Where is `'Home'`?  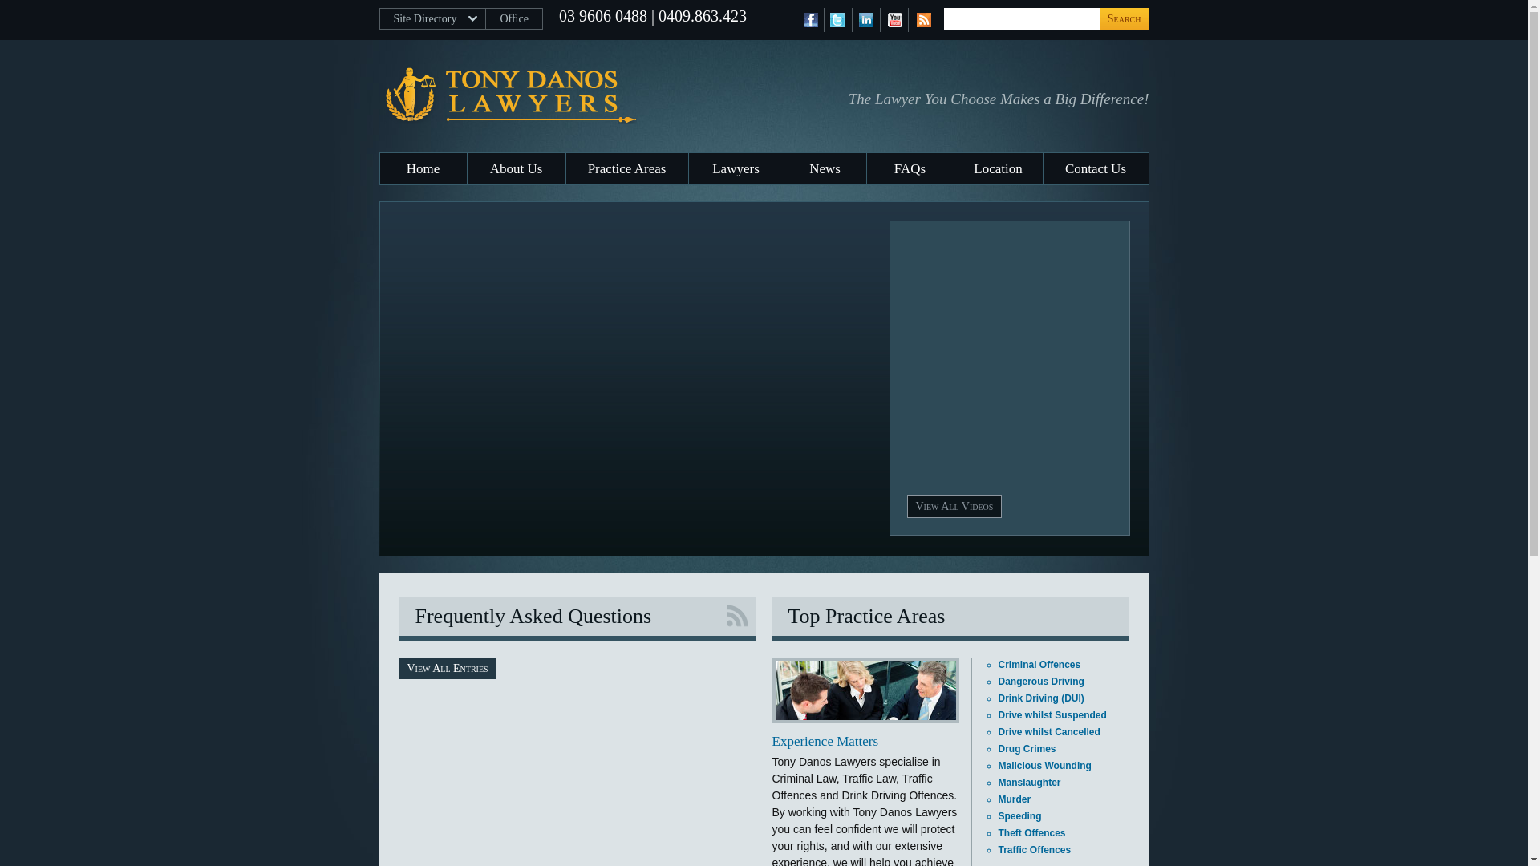
'Home' is located at coordinates (423, 168).